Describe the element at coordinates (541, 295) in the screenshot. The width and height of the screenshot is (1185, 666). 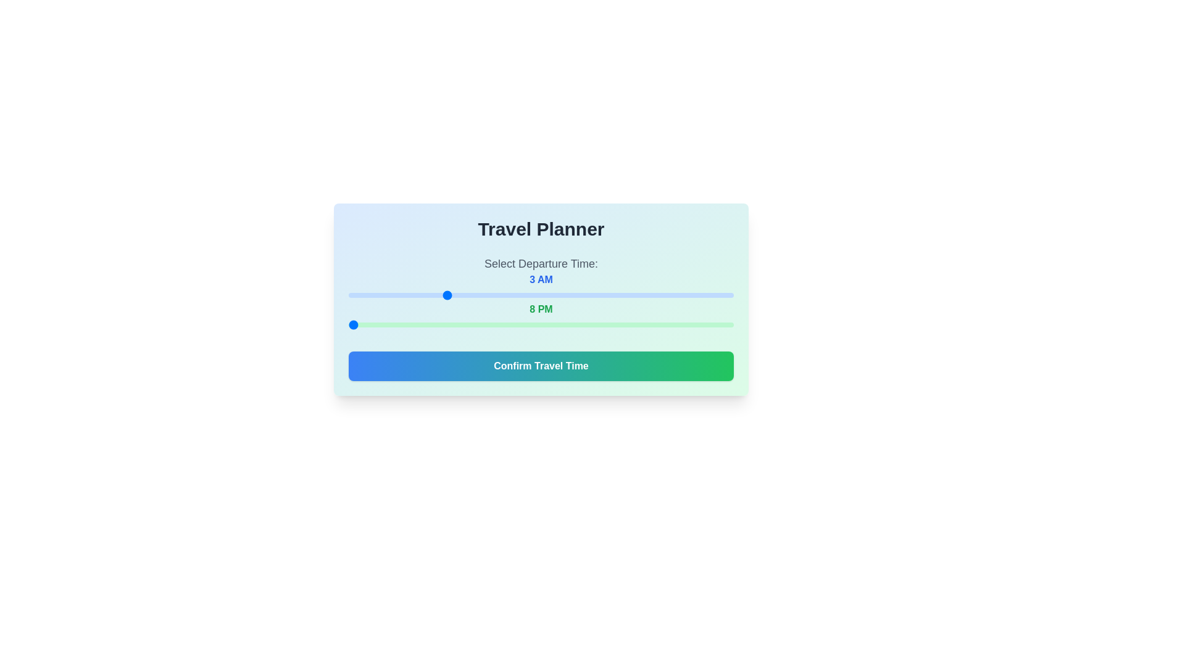
I see `departure time` at that location.